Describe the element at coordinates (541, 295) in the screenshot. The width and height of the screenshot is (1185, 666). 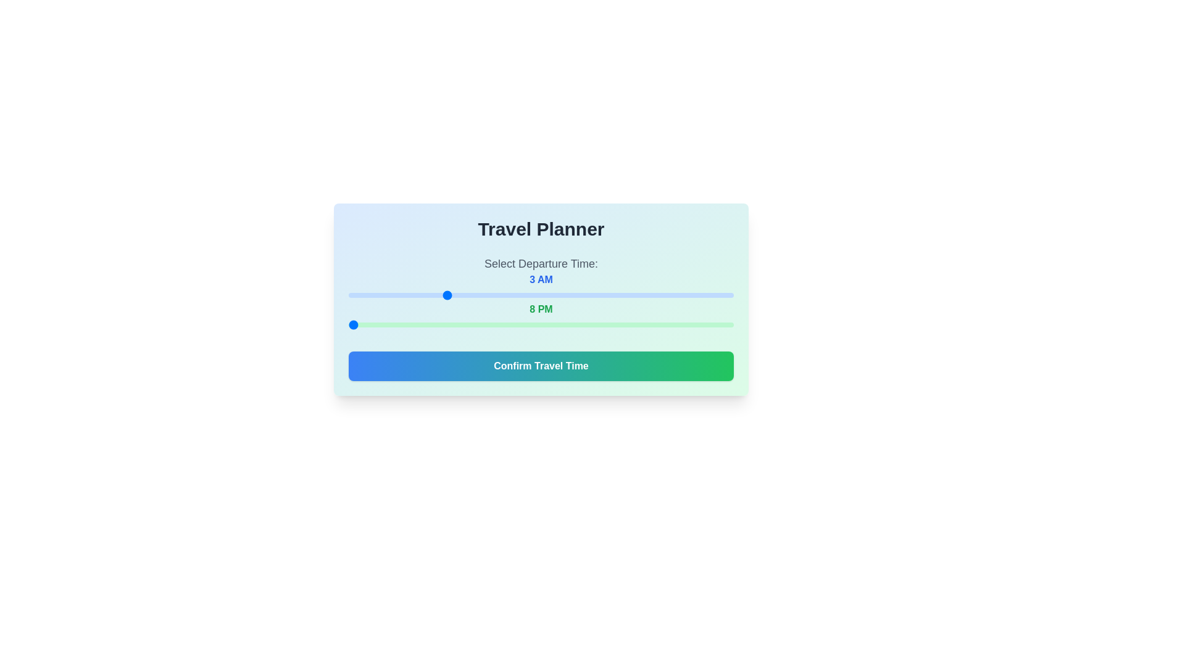
I see `departure time` at that location.